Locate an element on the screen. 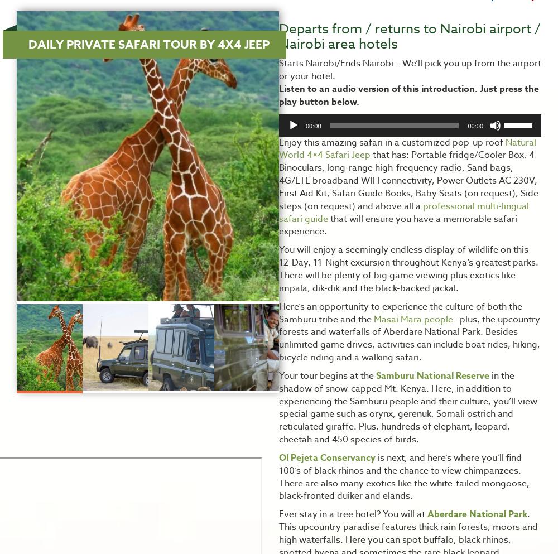 This screenshot has height=554, width=558. 'Masai Mara people' is located at coordinates (374, 318).